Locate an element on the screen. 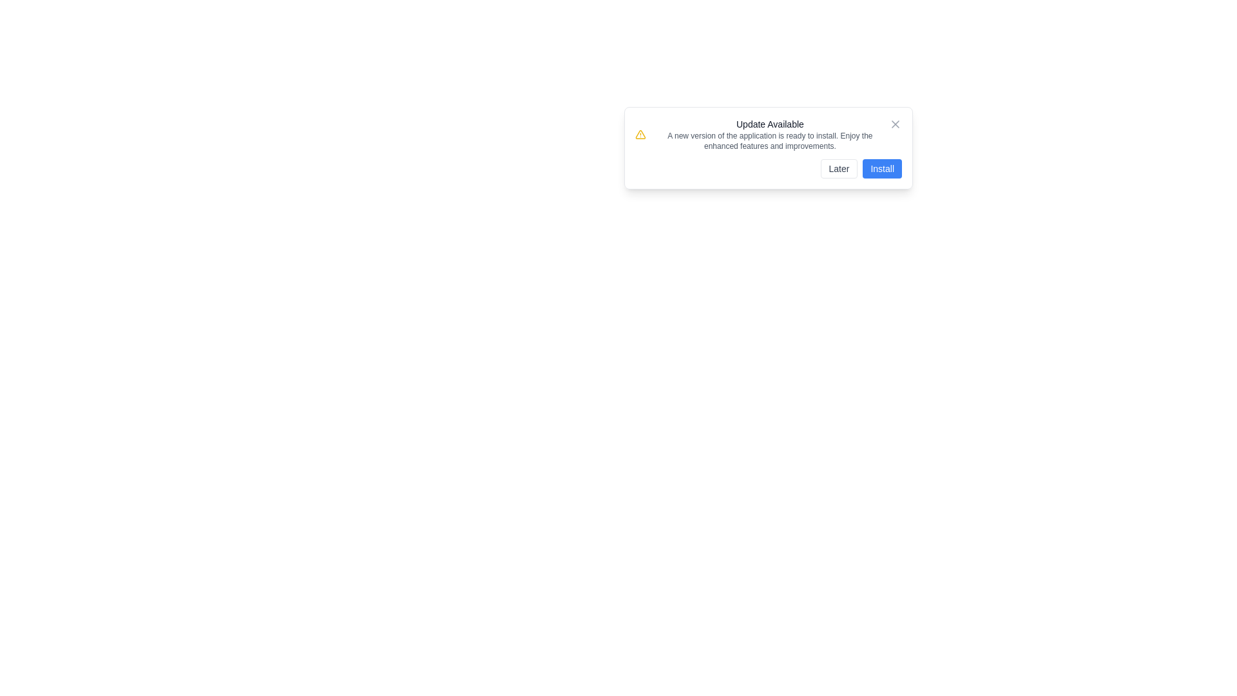  the warning icon located at the leftmost part of the notification box, which serves as a visual indicator for important messages is located at coordinates (640, 134).